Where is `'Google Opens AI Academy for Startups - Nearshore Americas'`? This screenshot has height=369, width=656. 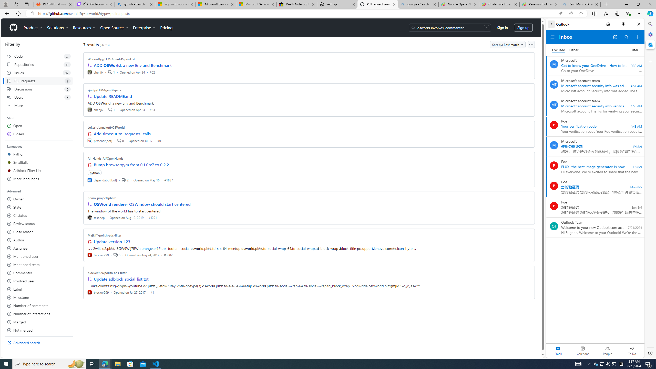
'Google Opens AI Academy for Startups - Nearshore Americas' is located at coordinates (458, 4).